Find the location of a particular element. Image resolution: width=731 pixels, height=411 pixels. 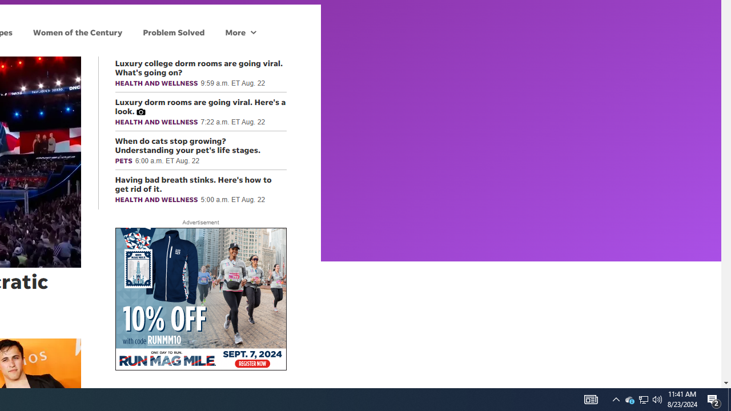

'Problem Solved' is located at coordinates (173, 31).